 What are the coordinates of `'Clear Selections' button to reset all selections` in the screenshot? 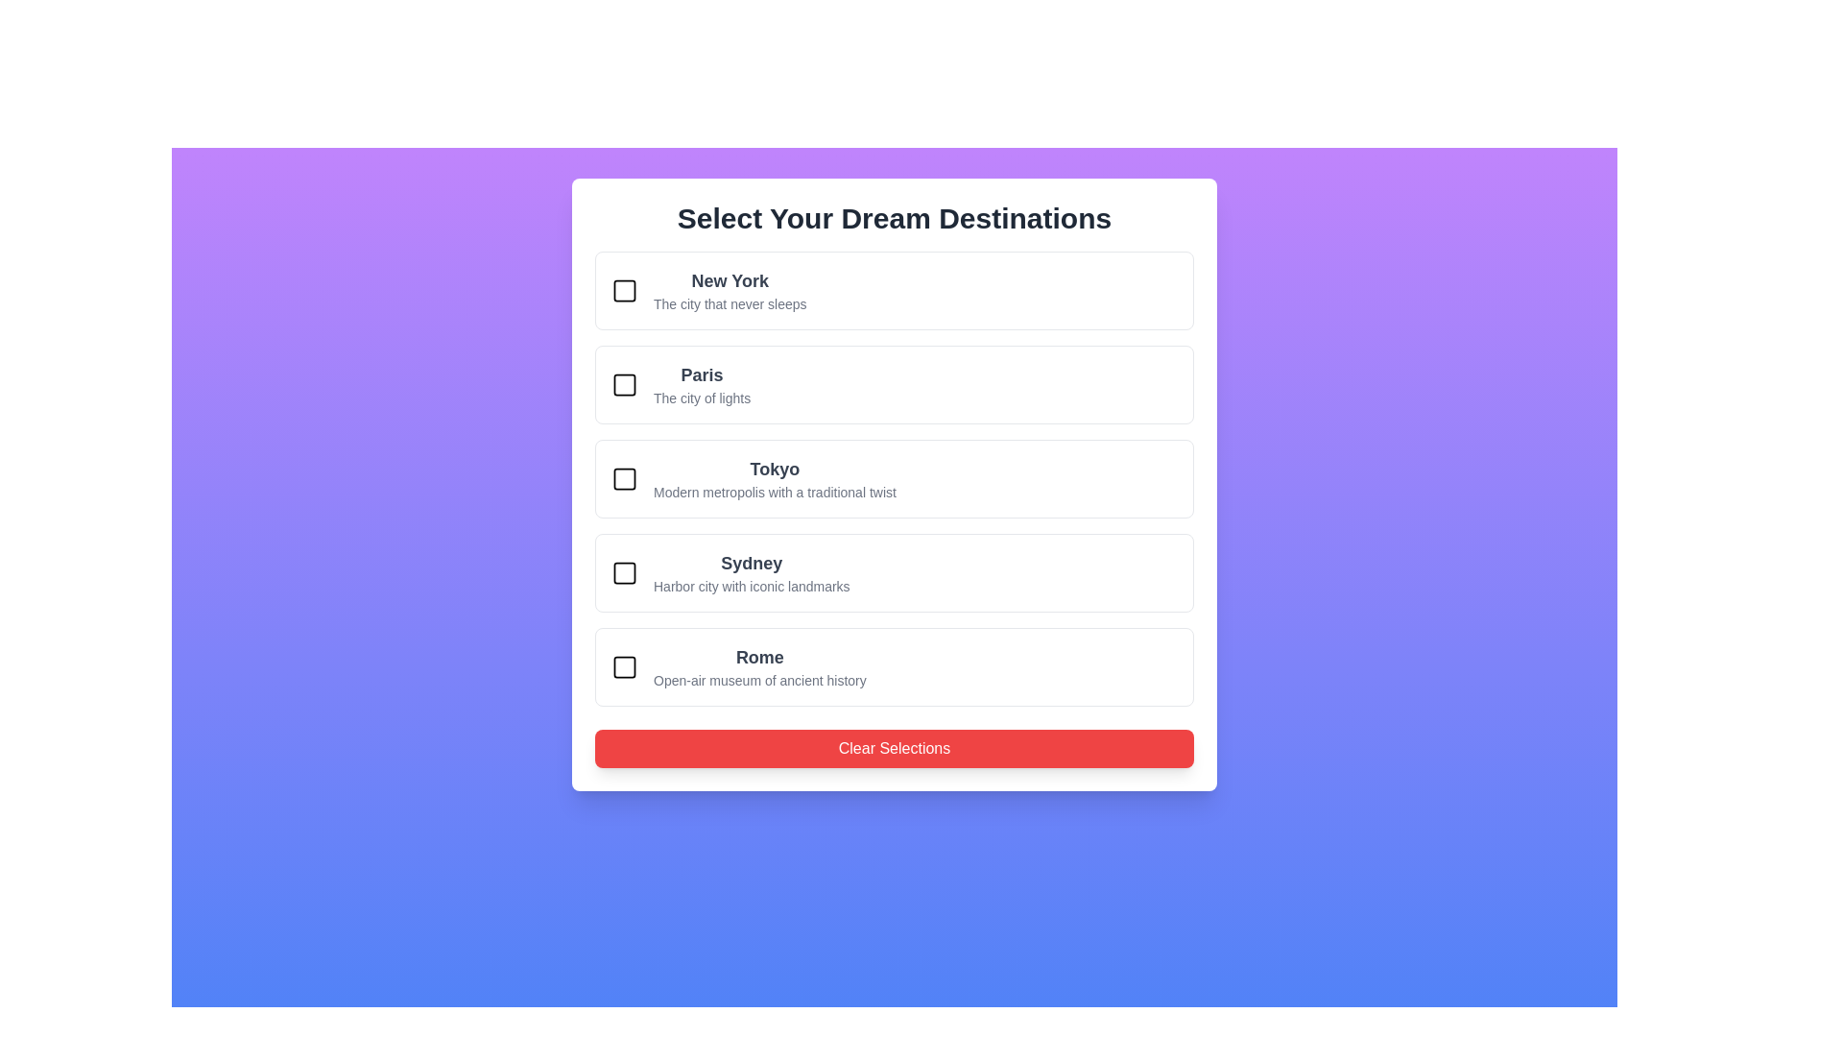 It's located at (893, 747).